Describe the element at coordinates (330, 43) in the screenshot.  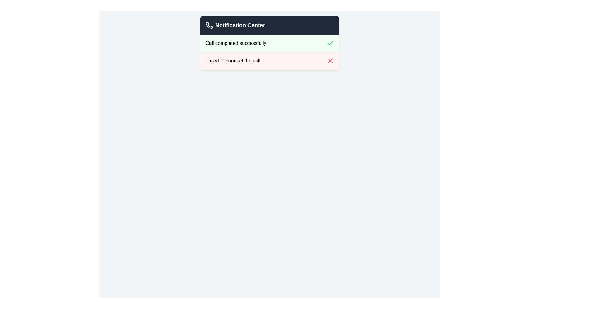
I see `the success icon located to the right of the 'Call completed successfully' notification, which serves as a visual confirmation of task completion` at that location.